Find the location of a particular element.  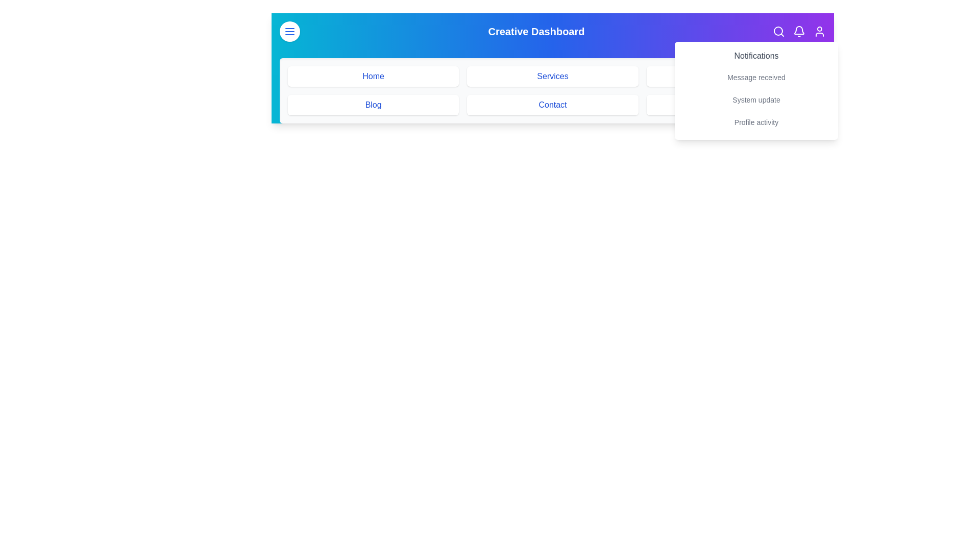

the menu item labeled Home to navigate to the corresponding section is located at coordinates (373, 76).